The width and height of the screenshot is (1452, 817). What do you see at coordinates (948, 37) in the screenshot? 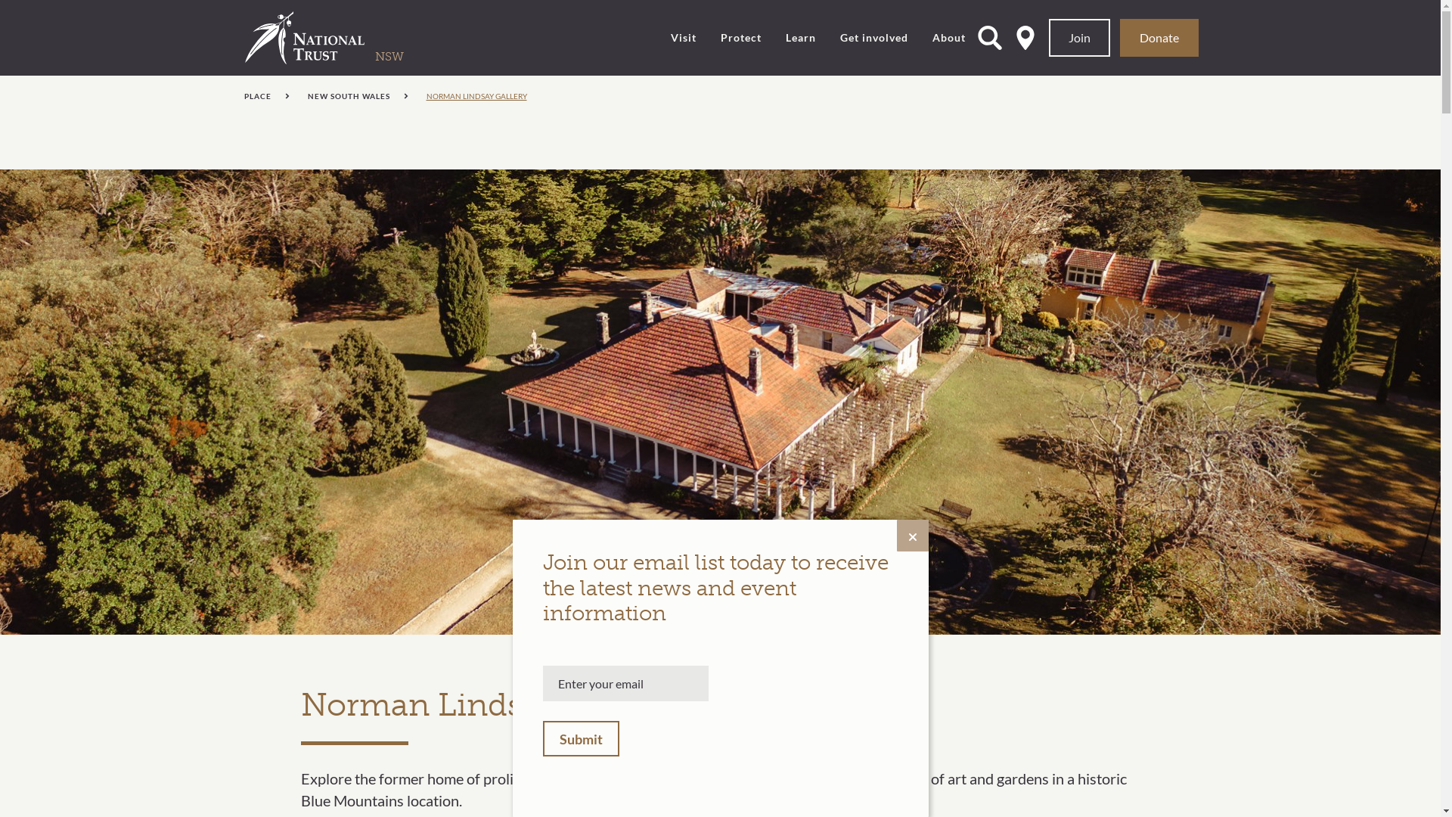
I see `'About'` at bounding box center [948, 37].